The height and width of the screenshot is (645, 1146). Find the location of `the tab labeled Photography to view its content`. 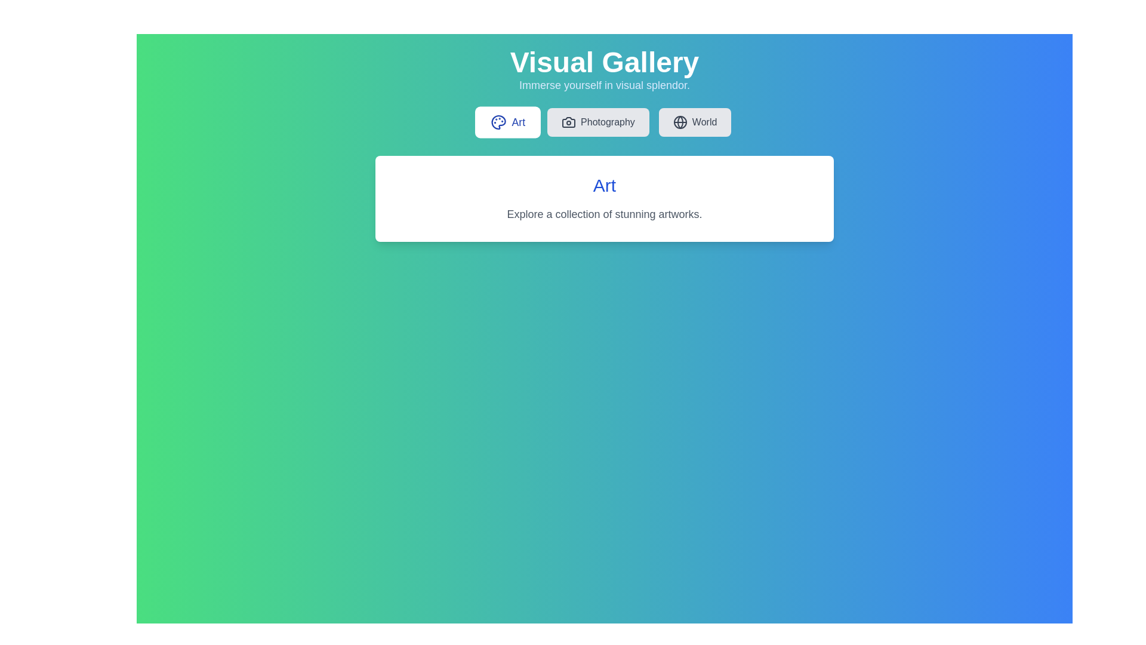

the tab labeled Photography to view its content is located at coordinates (598, 122).